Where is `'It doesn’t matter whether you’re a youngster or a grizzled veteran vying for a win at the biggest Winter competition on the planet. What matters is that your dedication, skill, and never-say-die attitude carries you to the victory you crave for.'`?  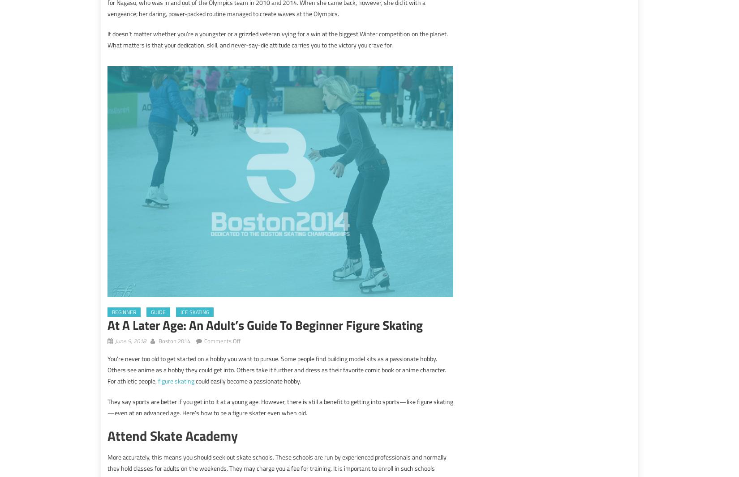 'It doesn’t matter whether you’re a youngster or a grizzled veteran vying for a win at the biggest Winter competition on the planet. What matters is that your dedication, skill, and never-say-die attitude carries you to the victory you crave for.' is located at coordinates (277, 39).